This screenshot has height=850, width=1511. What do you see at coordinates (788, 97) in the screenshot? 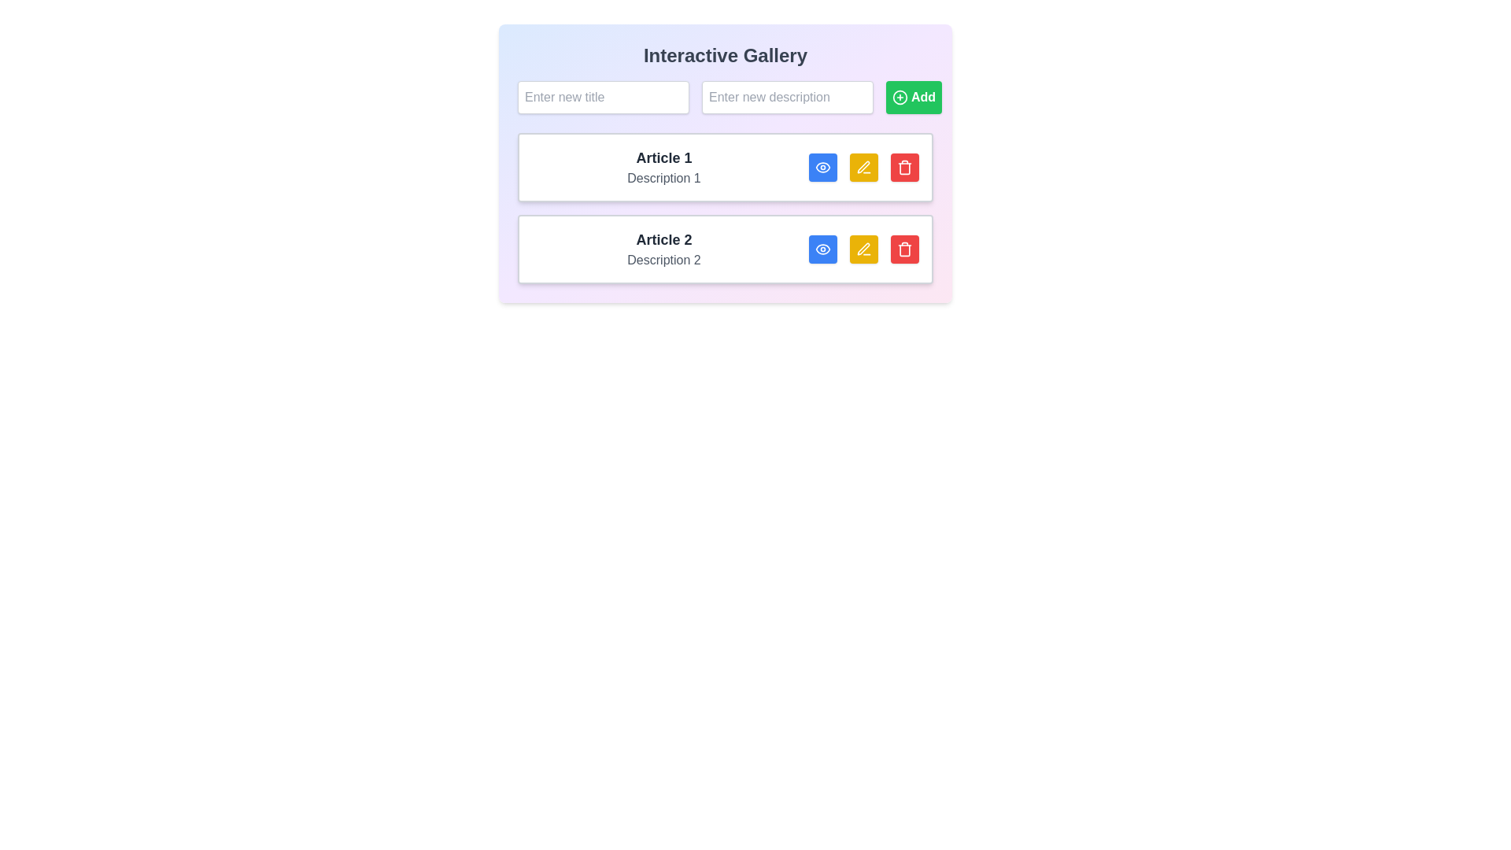
I see `the text input field that allows users to enter or modify the description of an item, positioned between the 'Enter new title' input and the 'Add' button` at bounding box center [788, 97].